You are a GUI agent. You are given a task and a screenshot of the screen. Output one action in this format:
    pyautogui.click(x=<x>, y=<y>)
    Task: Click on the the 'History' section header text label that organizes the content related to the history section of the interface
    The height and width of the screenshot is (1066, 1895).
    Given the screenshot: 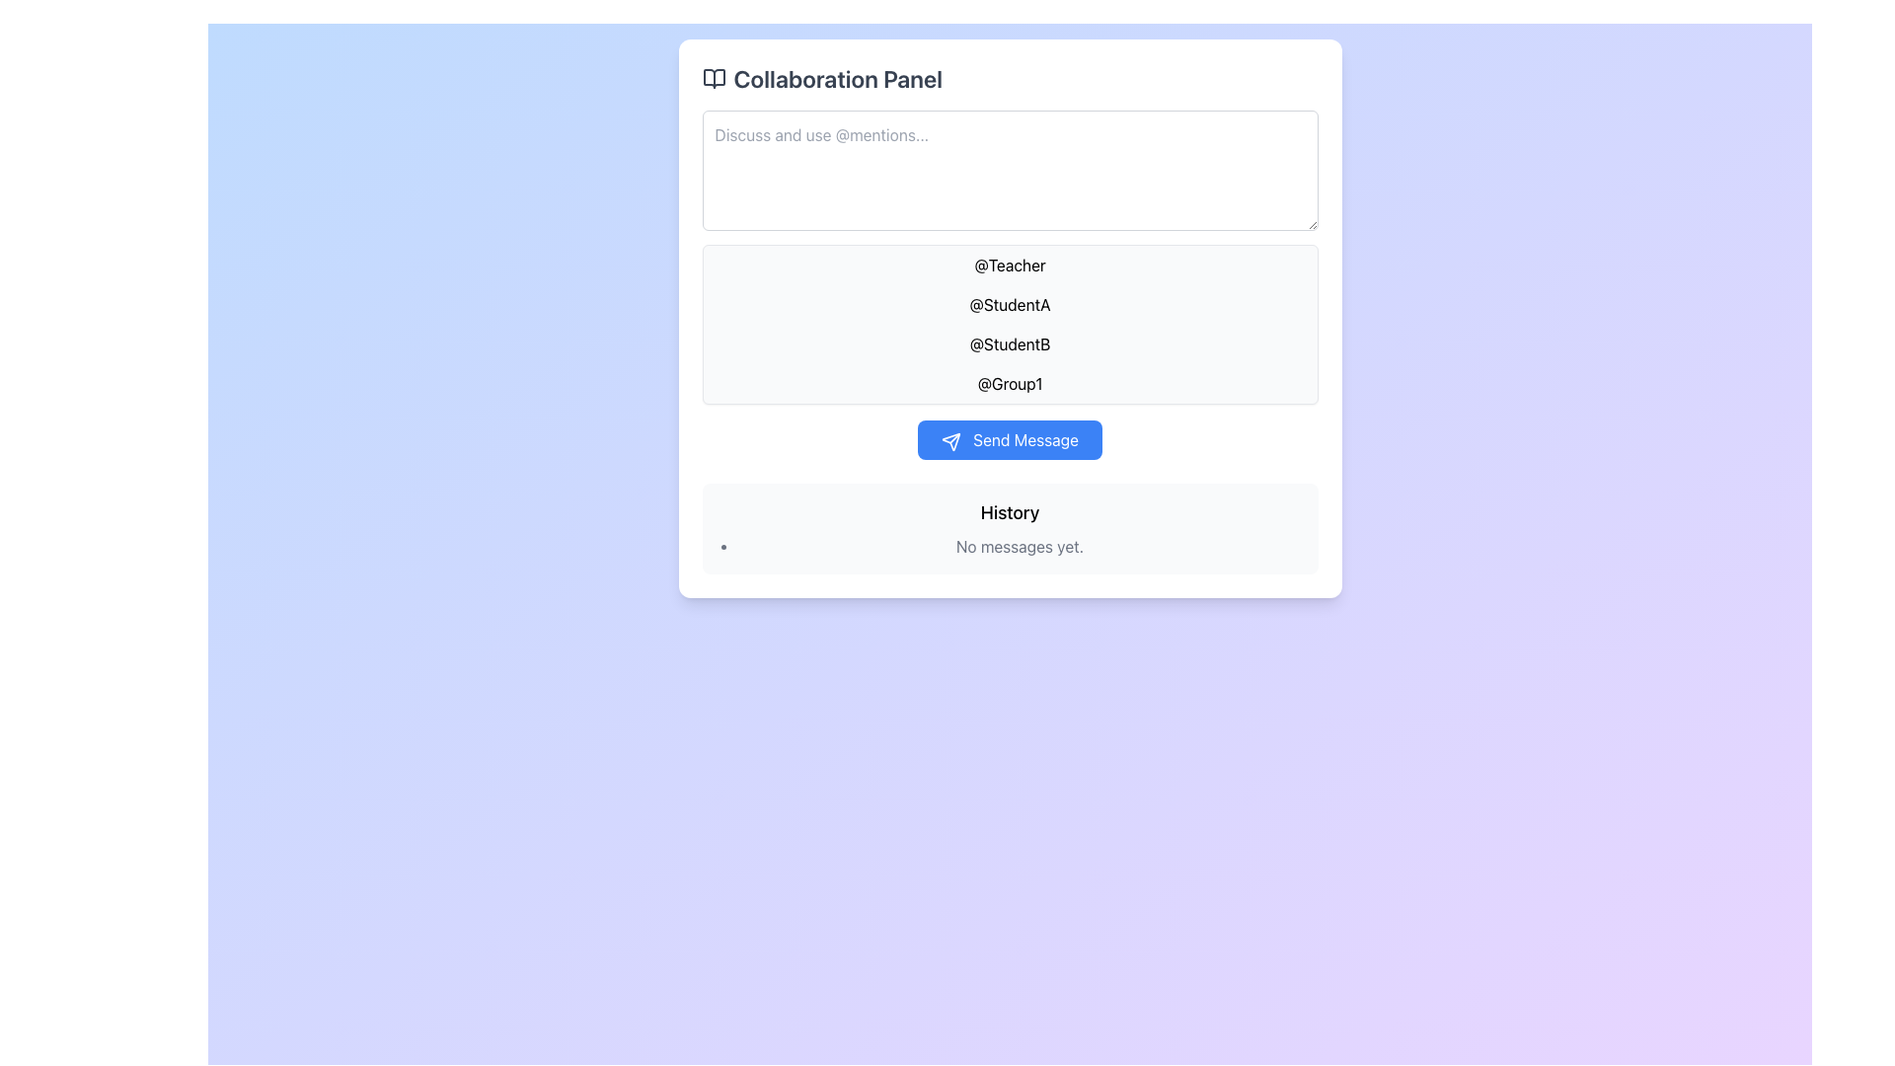 What is the action you would take?
    pyautogui.click(x=1010, y=512)
    